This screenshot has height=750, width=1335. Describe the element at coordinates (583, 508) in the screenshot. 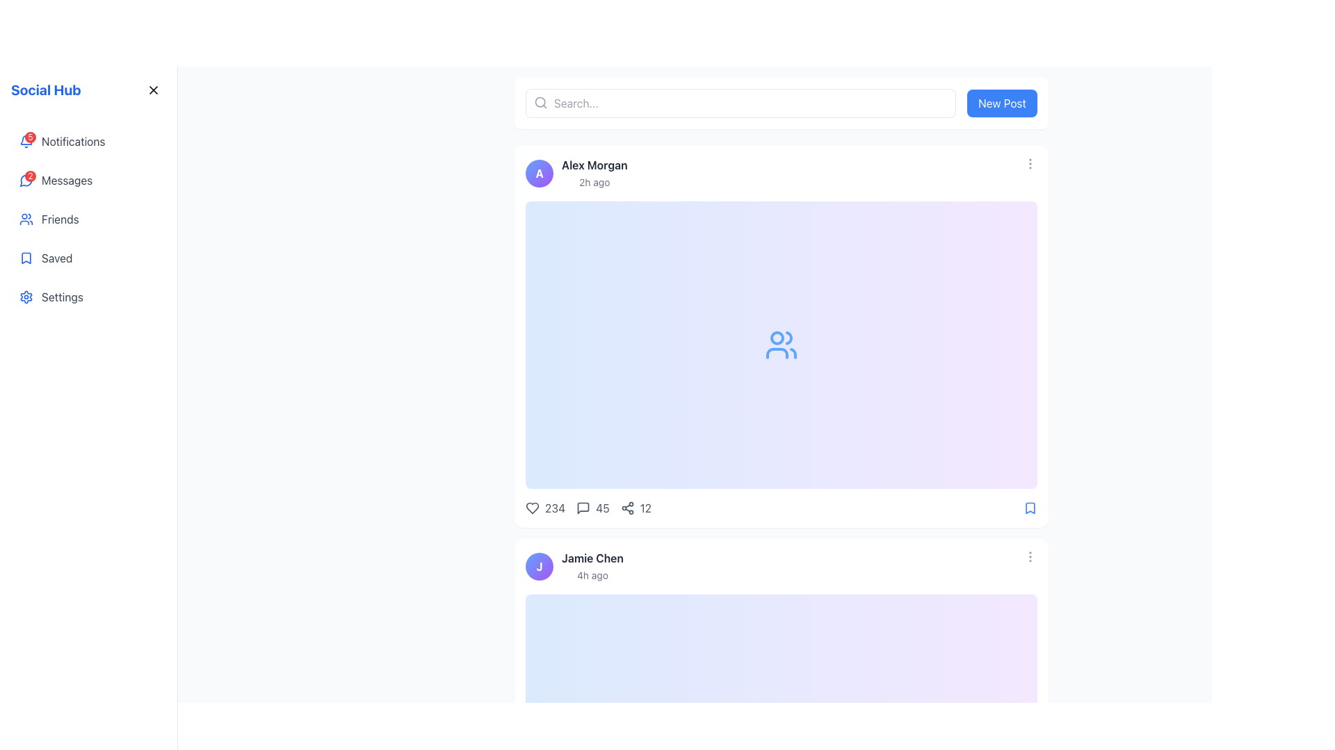

I see `the message or comment icon located in the interaction bar below a post` at that location.